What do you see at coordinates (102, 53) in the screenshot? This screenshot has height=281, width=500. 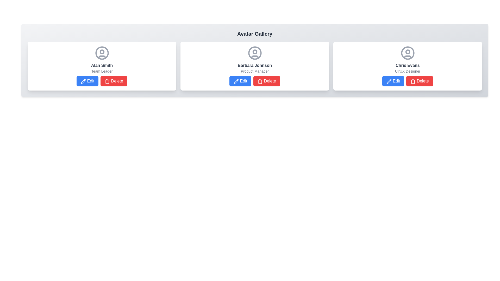 I see `the outermost circle of the avatar icon representing user 'Alan Smith', located in the central upper portion of the card element` at bounding box center [102, 53].